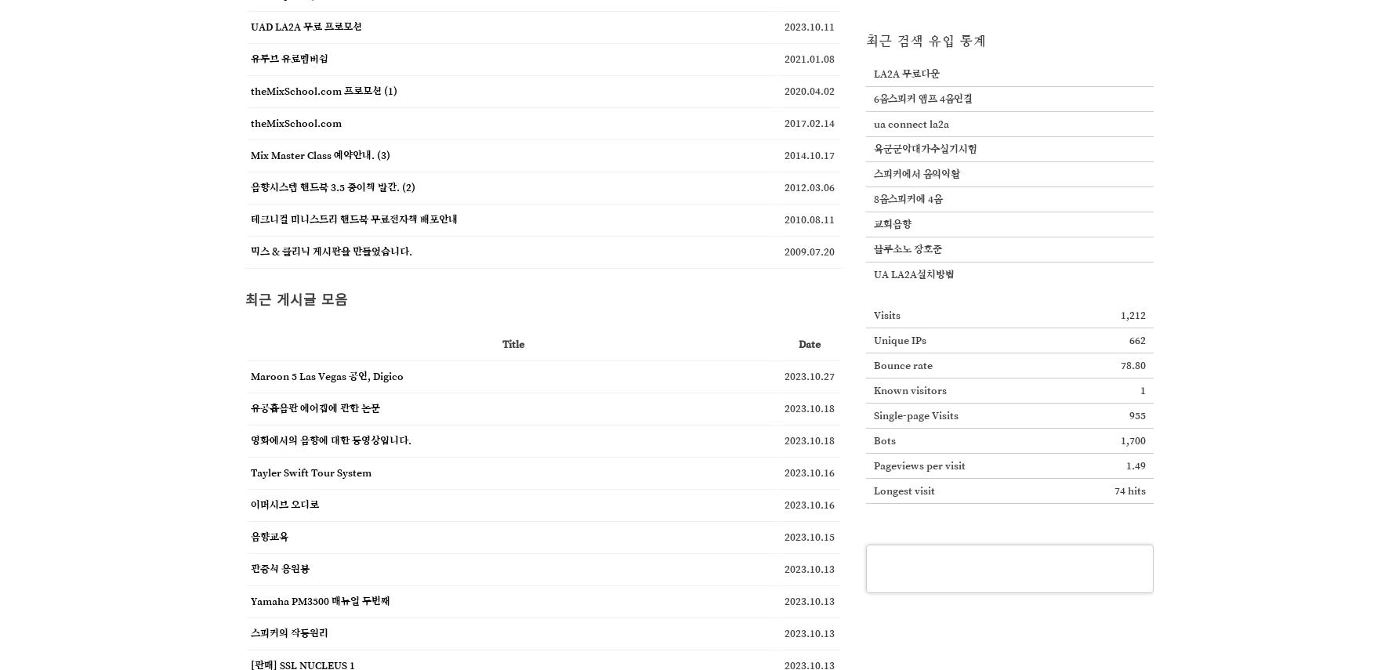 The height and width of the screenshot is (670, 1399). What do you see at coordinates (873, 73) in the screenshot?
I see `'LA2A 무료다운'` at bounding box center [873, 73].